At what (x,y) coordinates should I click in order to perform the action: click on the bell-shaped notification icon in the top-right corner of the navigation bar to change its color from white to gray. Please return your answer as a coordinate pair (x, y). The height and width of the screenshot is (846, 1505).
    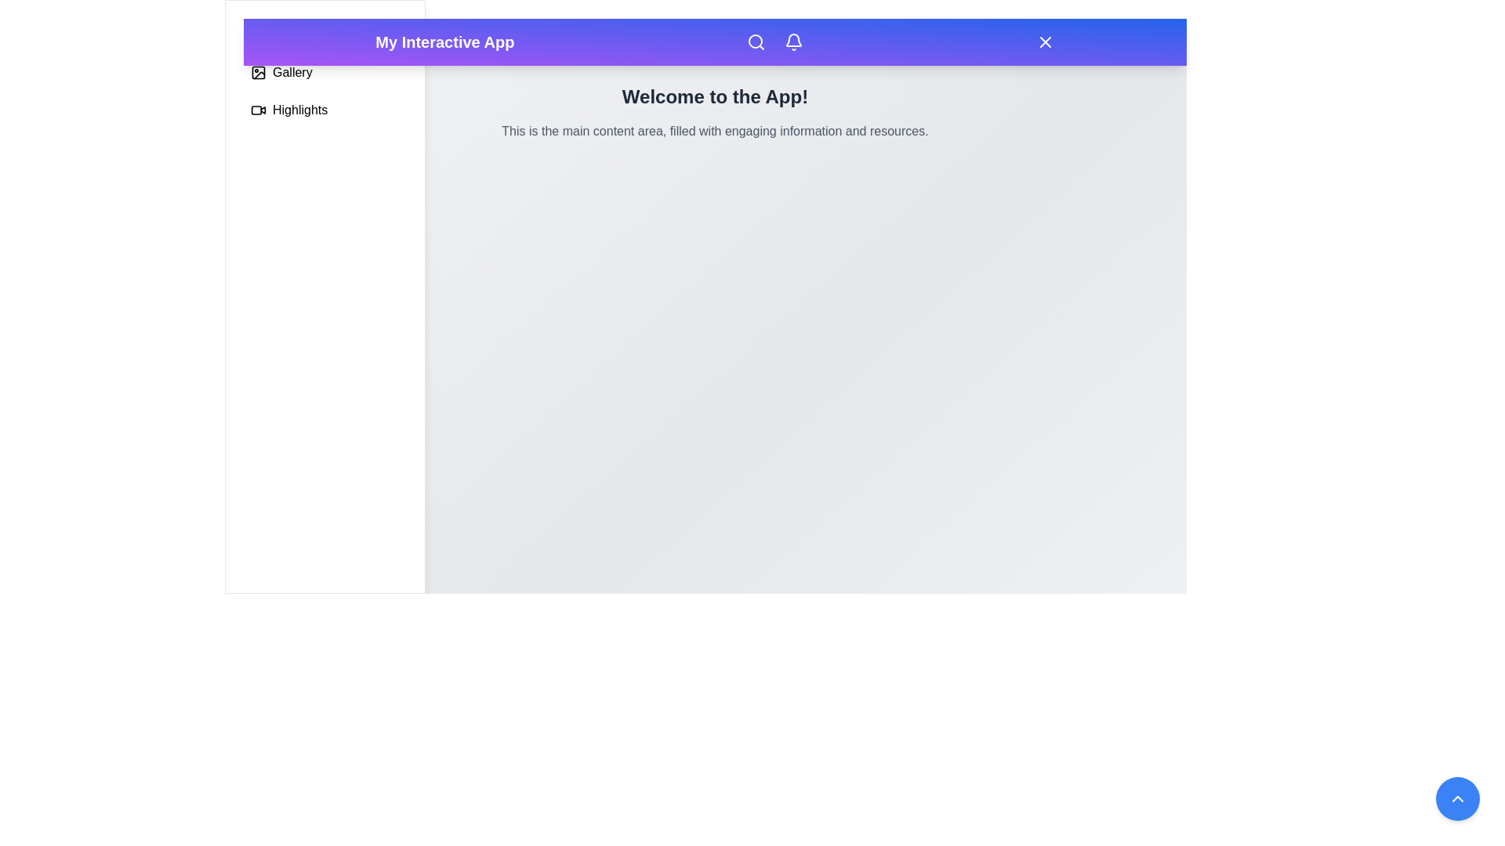
    Looking at the image, I should click on (793, 42).